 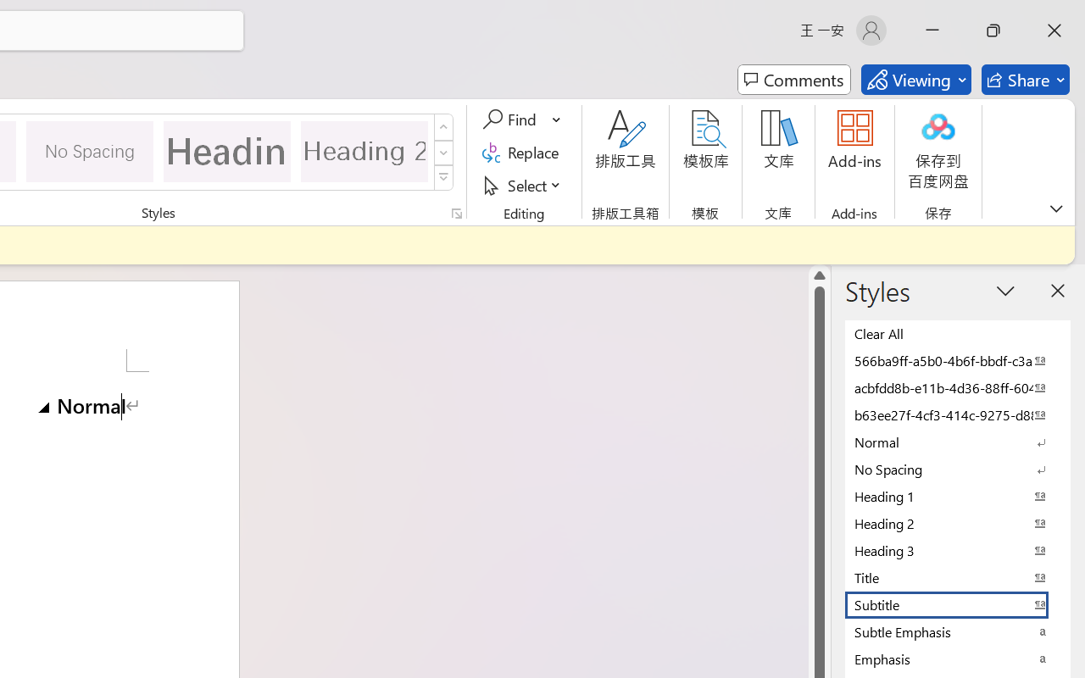 What do you see at coordinates (522, 152) in the screenshot?
I see `'Replace...'` at bounding box center [522, 152].